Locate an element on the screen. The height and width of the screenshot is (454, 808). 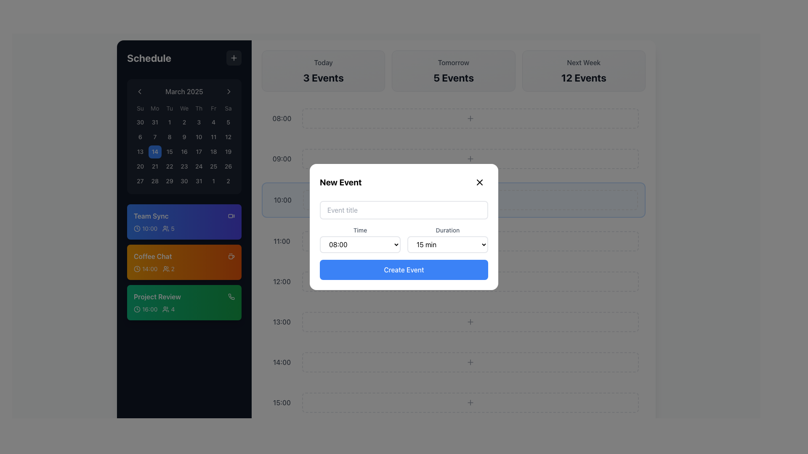
the button with a dashed border and a '+' symbol located to the right of the '15:00' time slot is located at coordinates (470, 402).